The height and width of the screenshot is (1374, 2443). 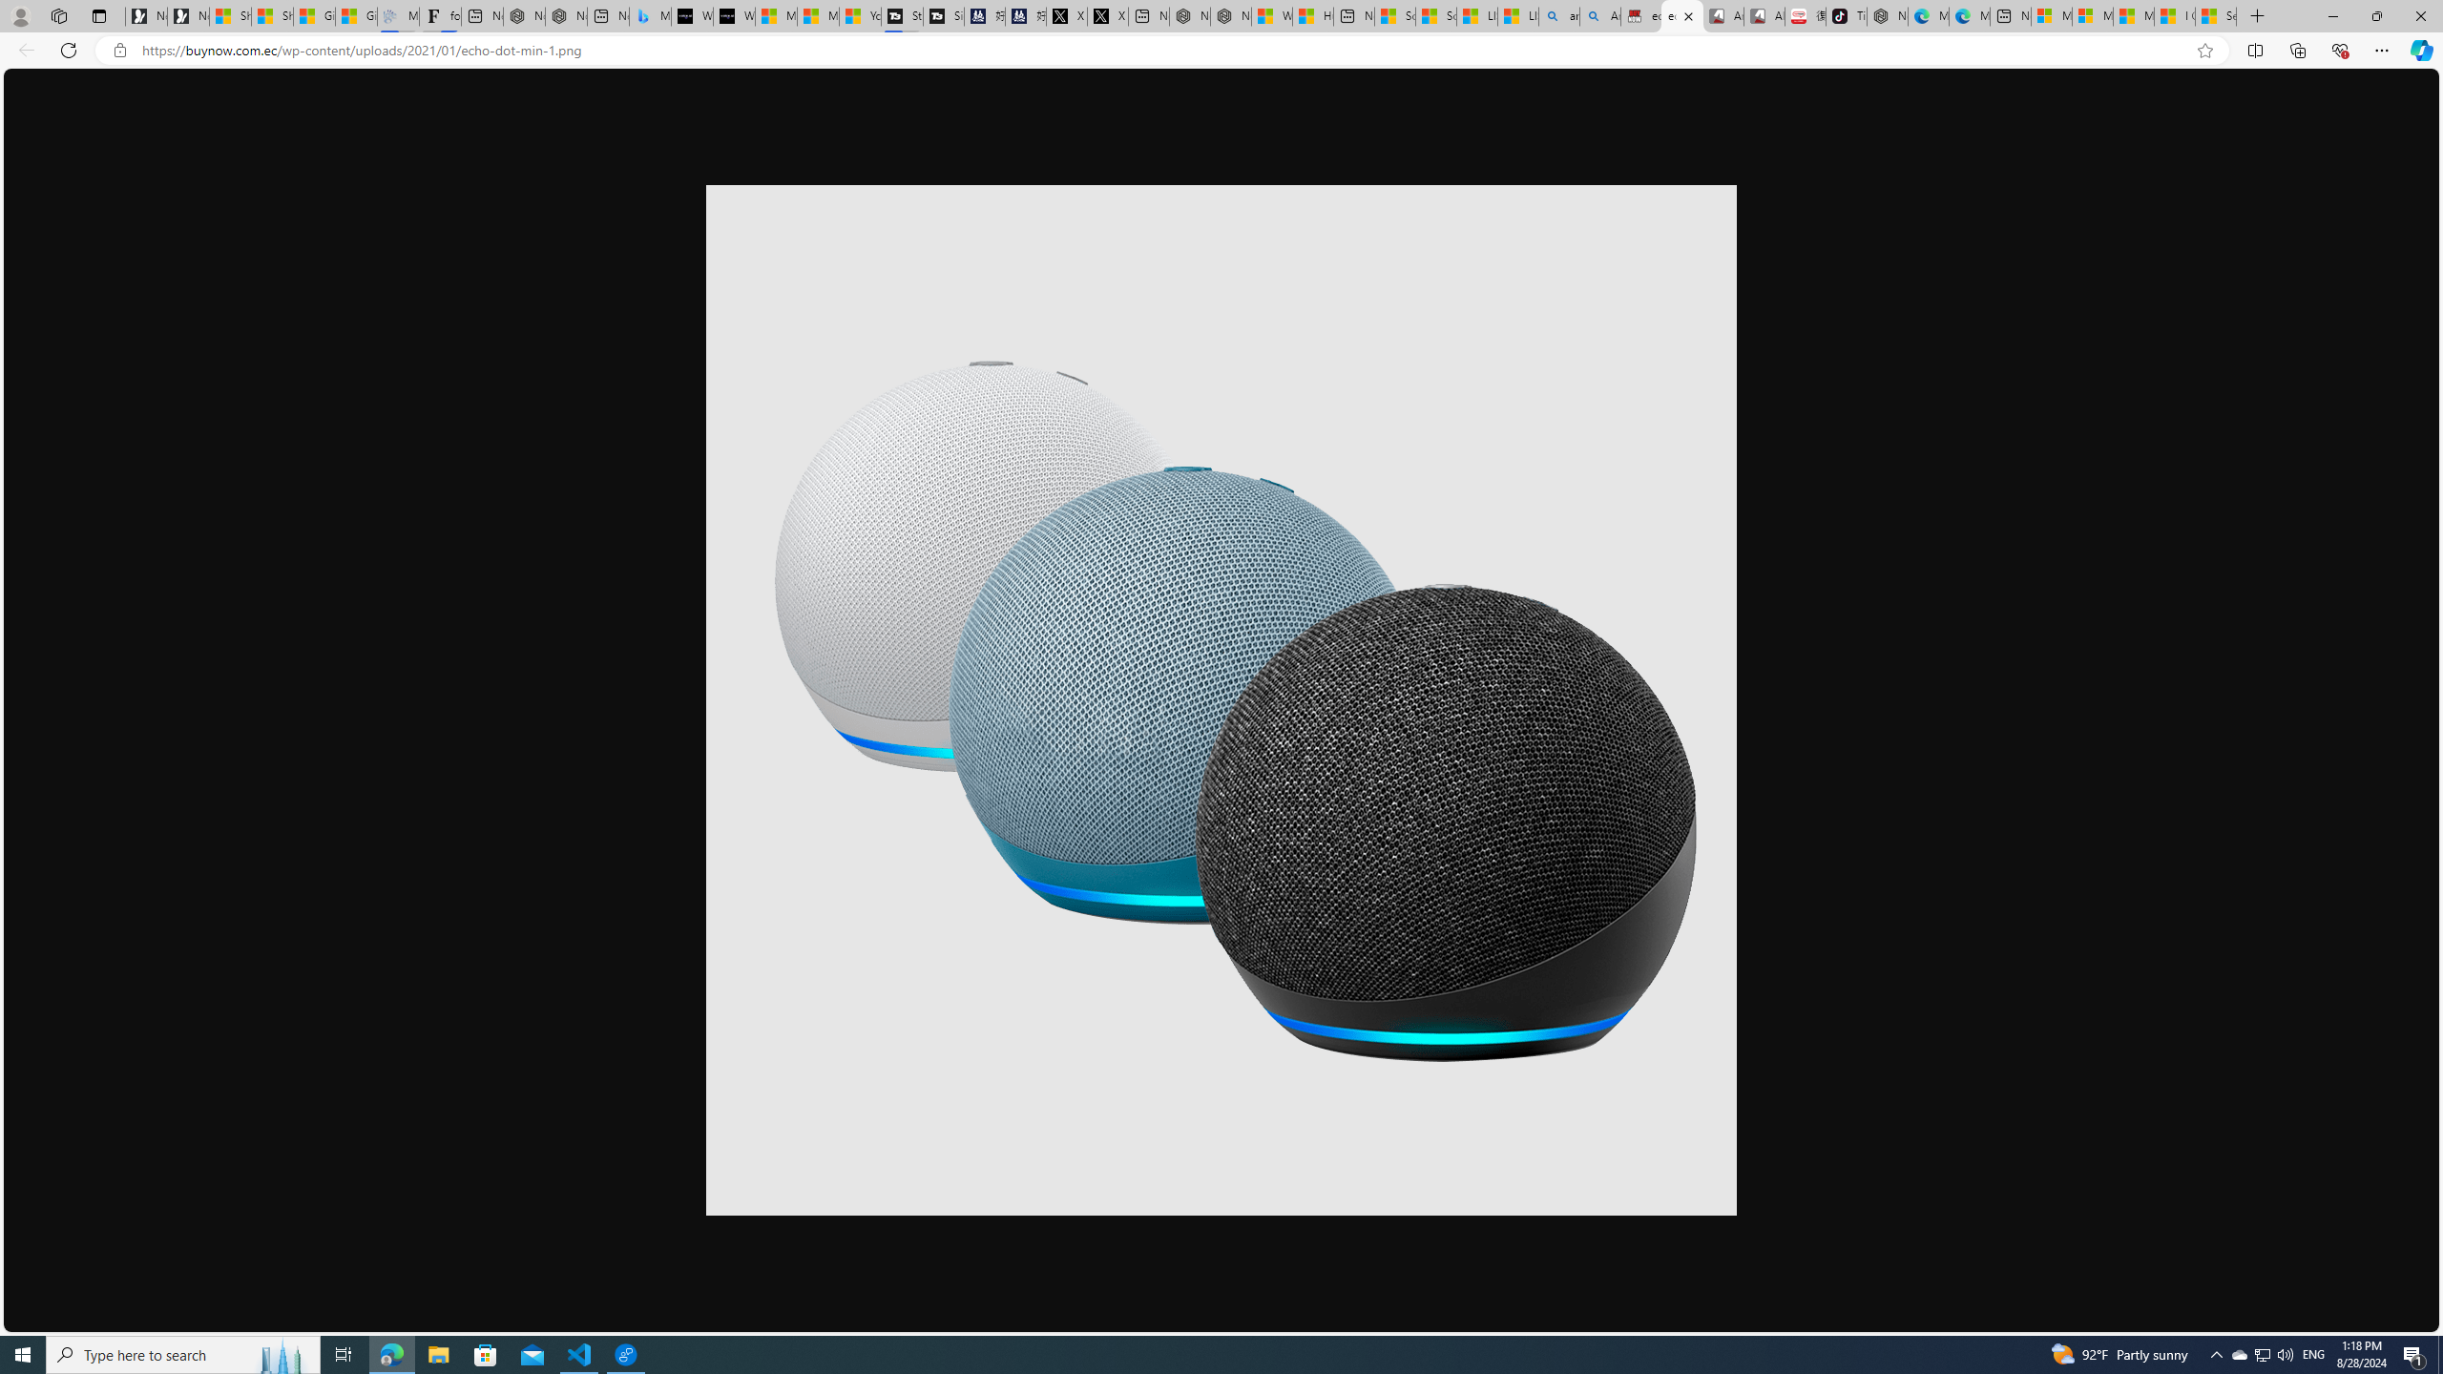 What do you see at coordinates (2174, 15) in the screenshot?
I see `'I Gained 20 Pounds of Muscle in 30 Days! | Watch'` at bounding box center [2174, 15].